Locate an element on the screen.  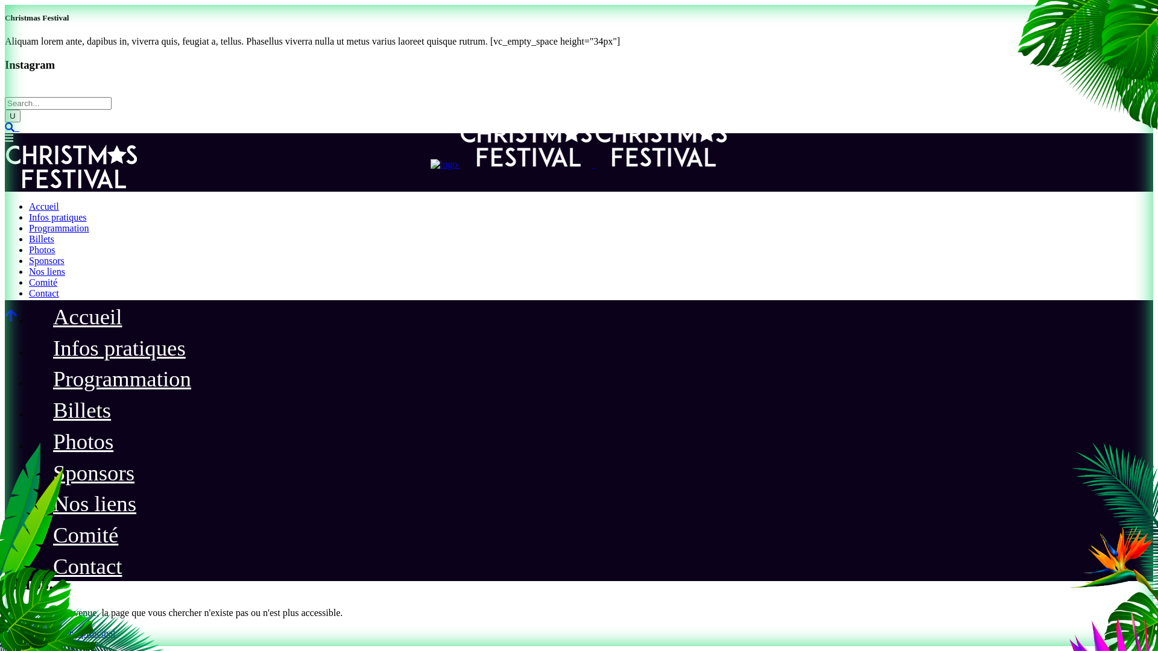
'Sponsors' is located at coordinates (46, 260).